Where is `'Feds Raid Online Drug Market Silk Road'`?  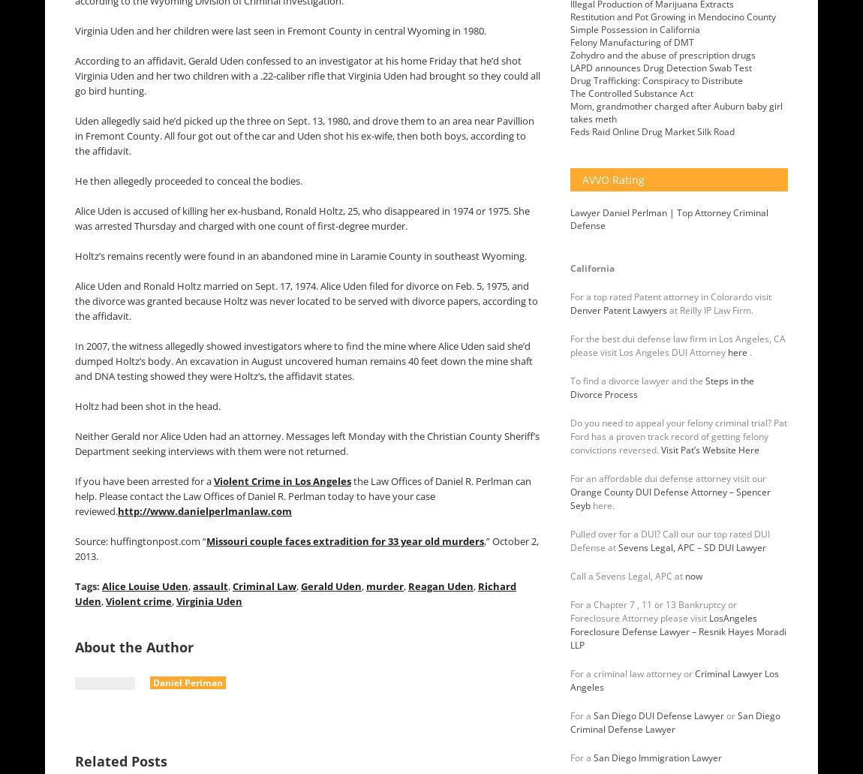 'Feds Raid Online Drug Market Silk Road' is located at coordinates (652, 131).